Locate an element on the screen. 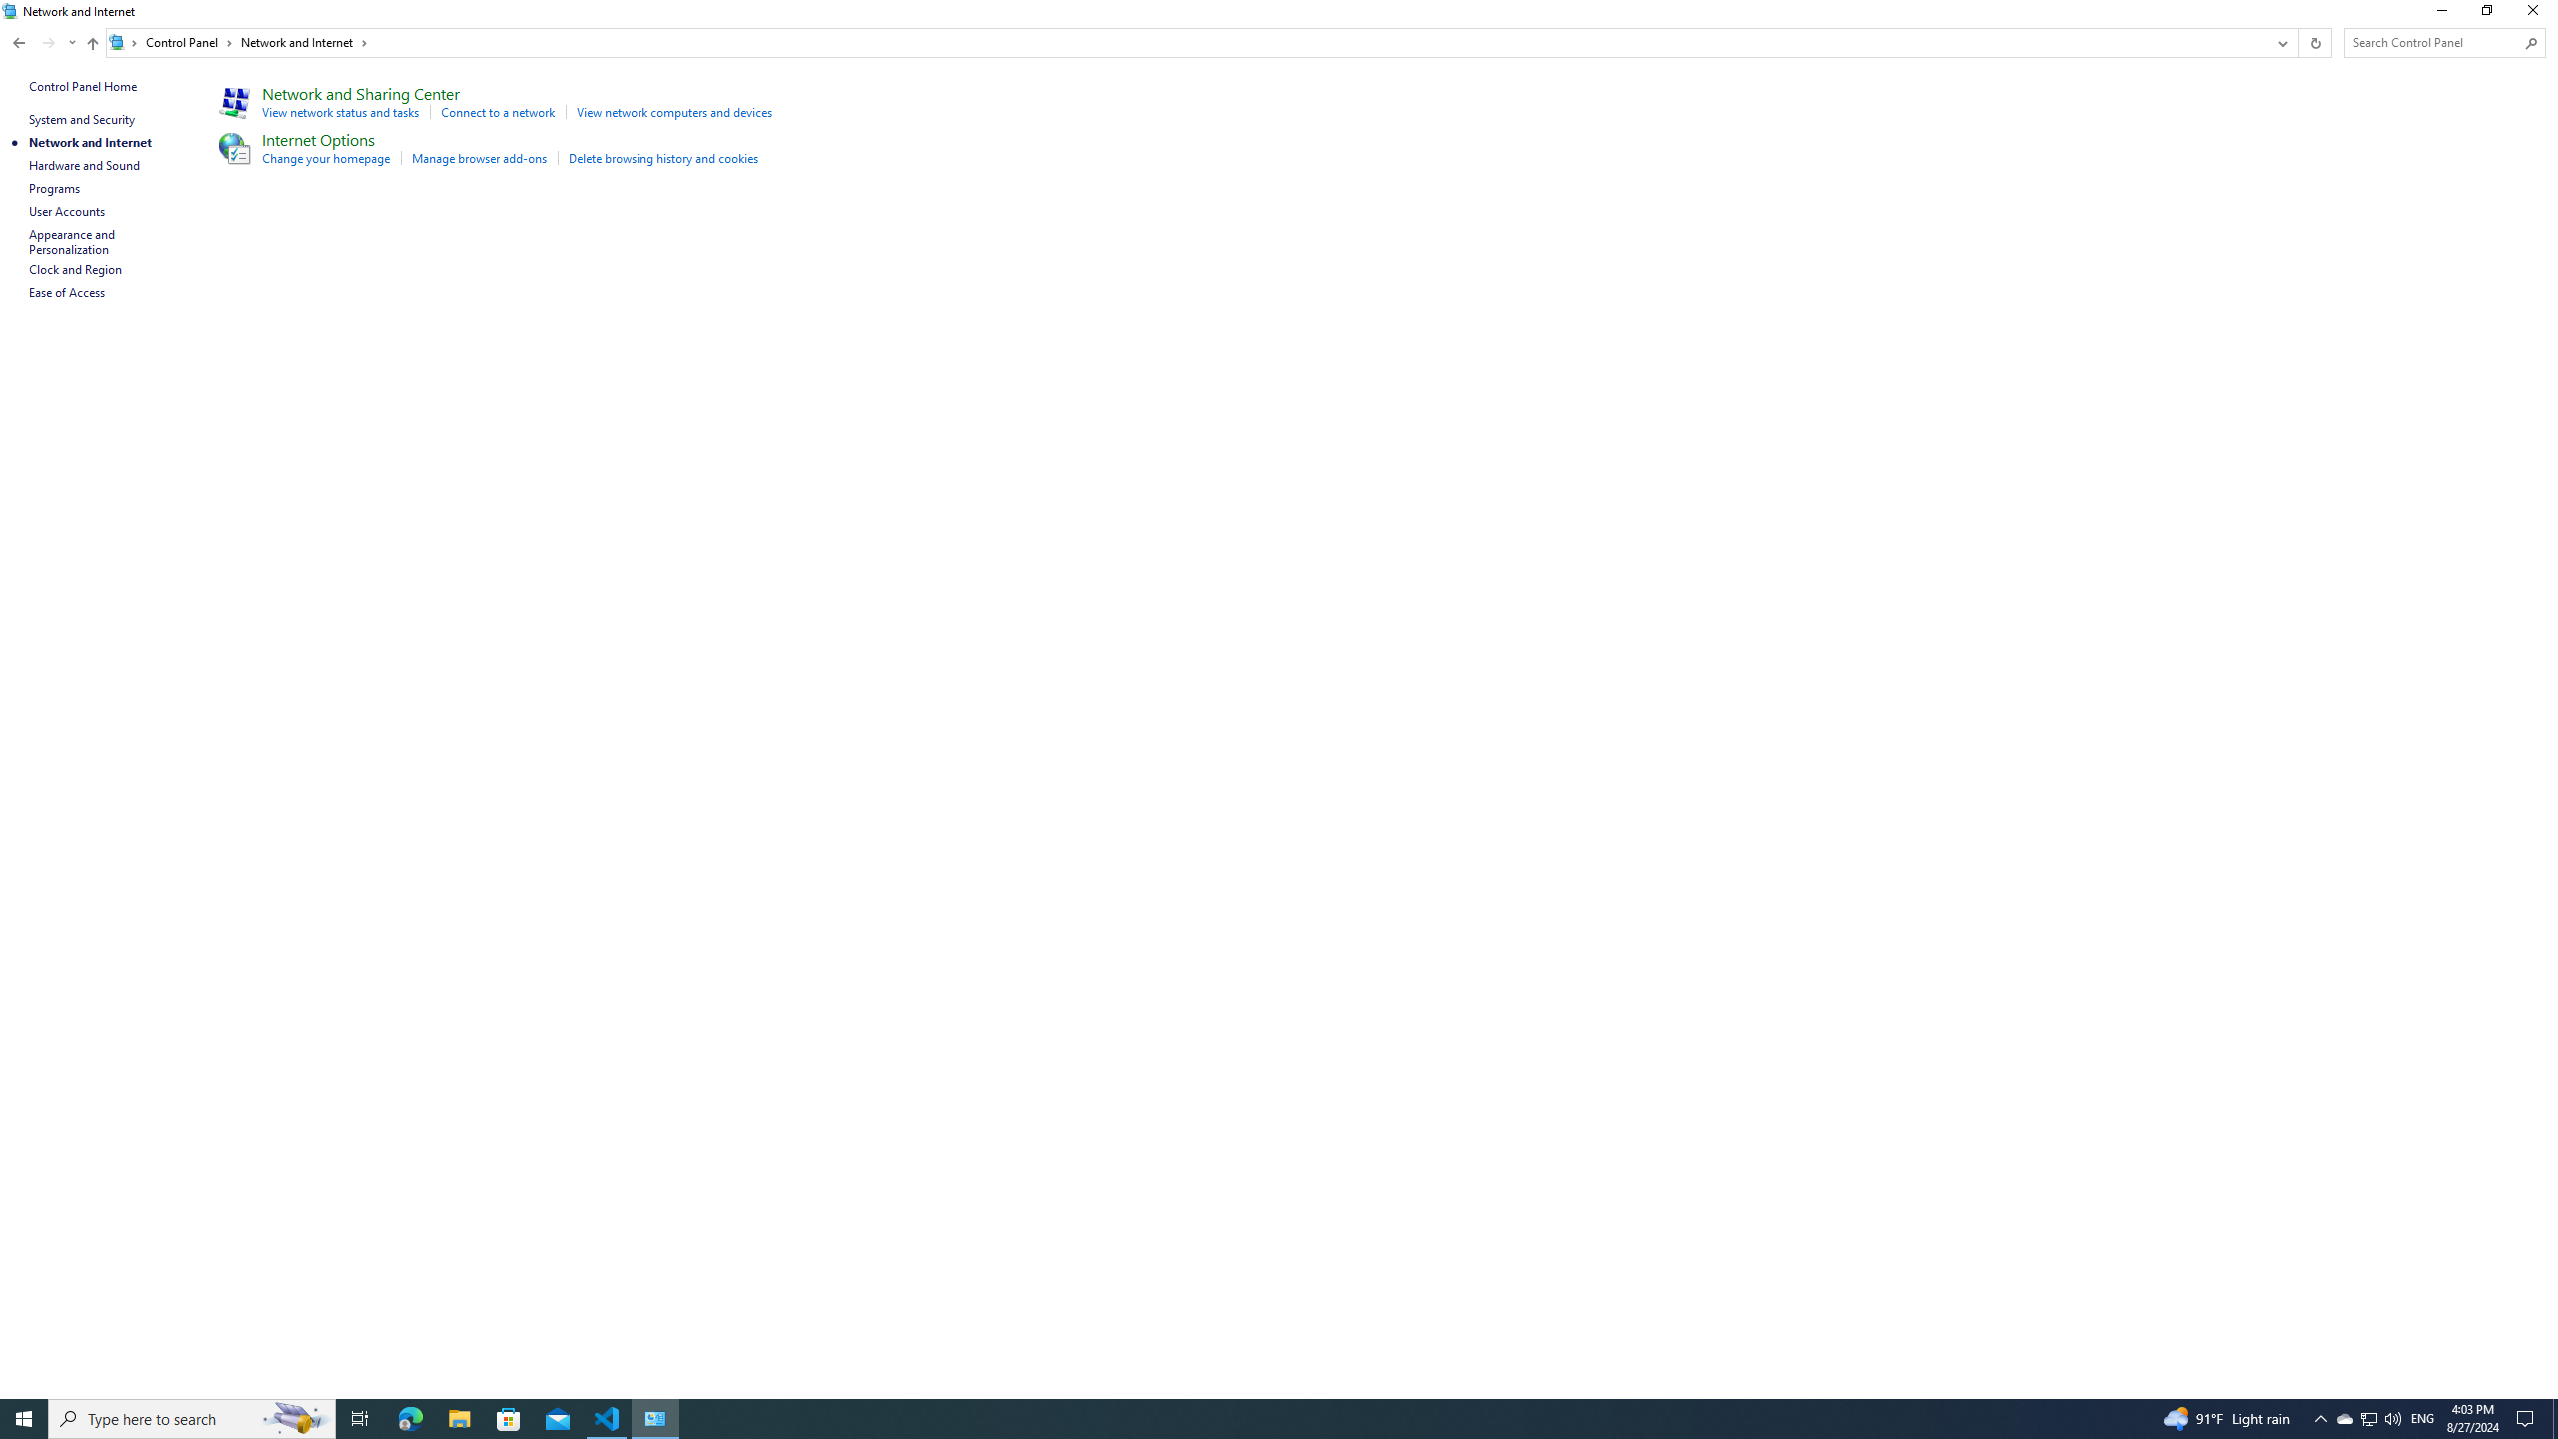 The height and width of the screenshot is (1439, 2558). 'Appearance and Personalization' is located at coordinates (73, 241).